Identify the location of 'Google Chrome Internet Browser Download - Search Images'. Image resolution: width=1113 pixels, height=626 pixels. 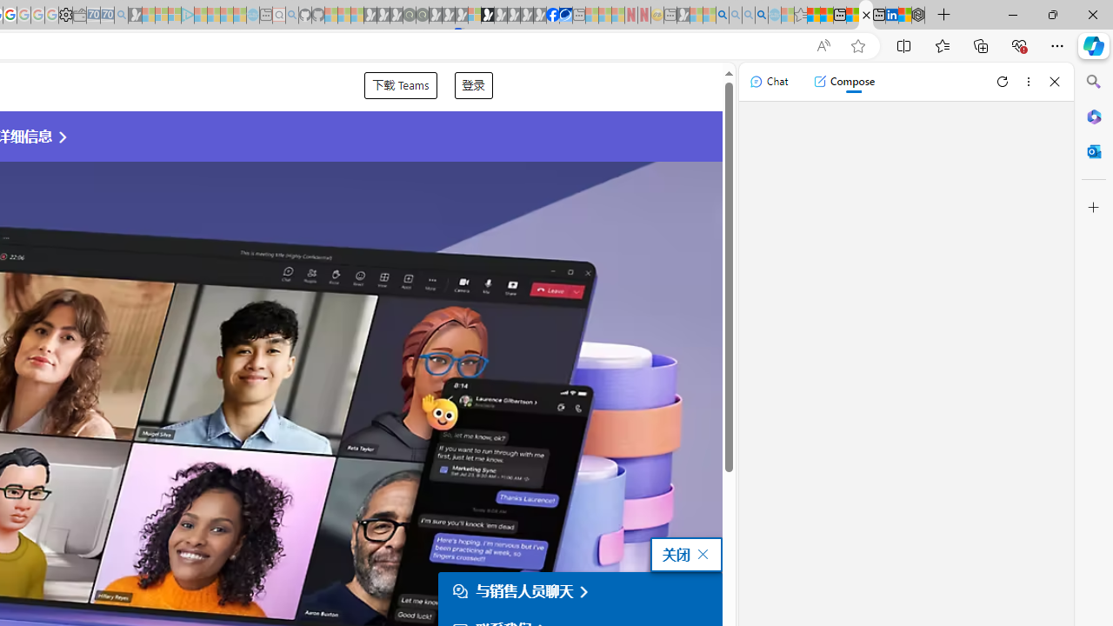
(762, 15).